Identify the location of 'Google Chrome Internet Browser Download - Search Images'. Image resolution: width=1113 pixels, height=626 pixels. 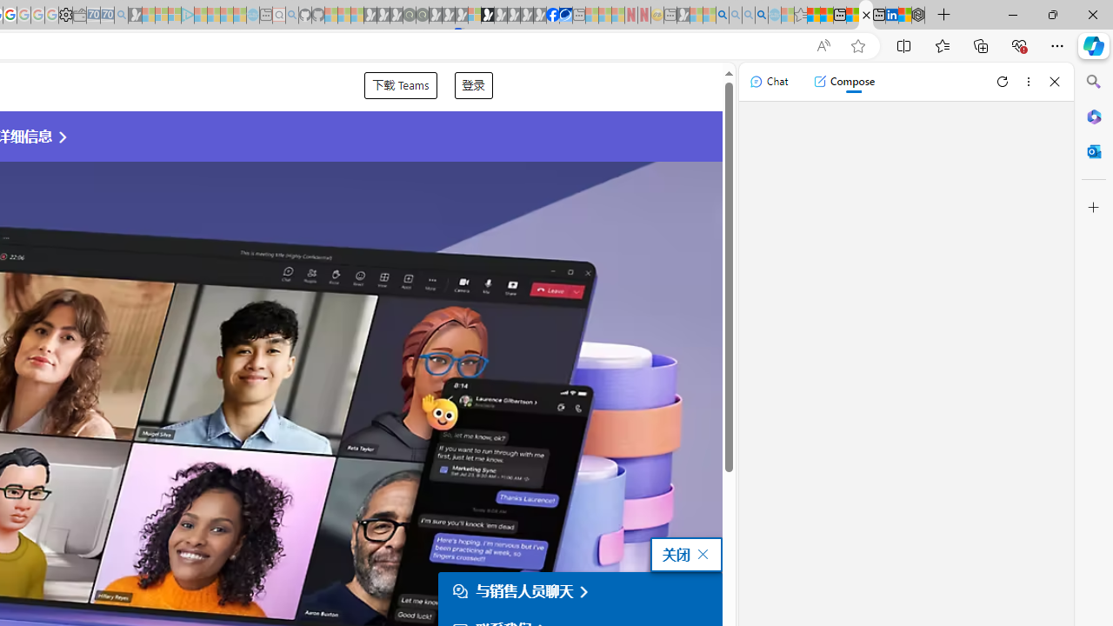
(762, 15).